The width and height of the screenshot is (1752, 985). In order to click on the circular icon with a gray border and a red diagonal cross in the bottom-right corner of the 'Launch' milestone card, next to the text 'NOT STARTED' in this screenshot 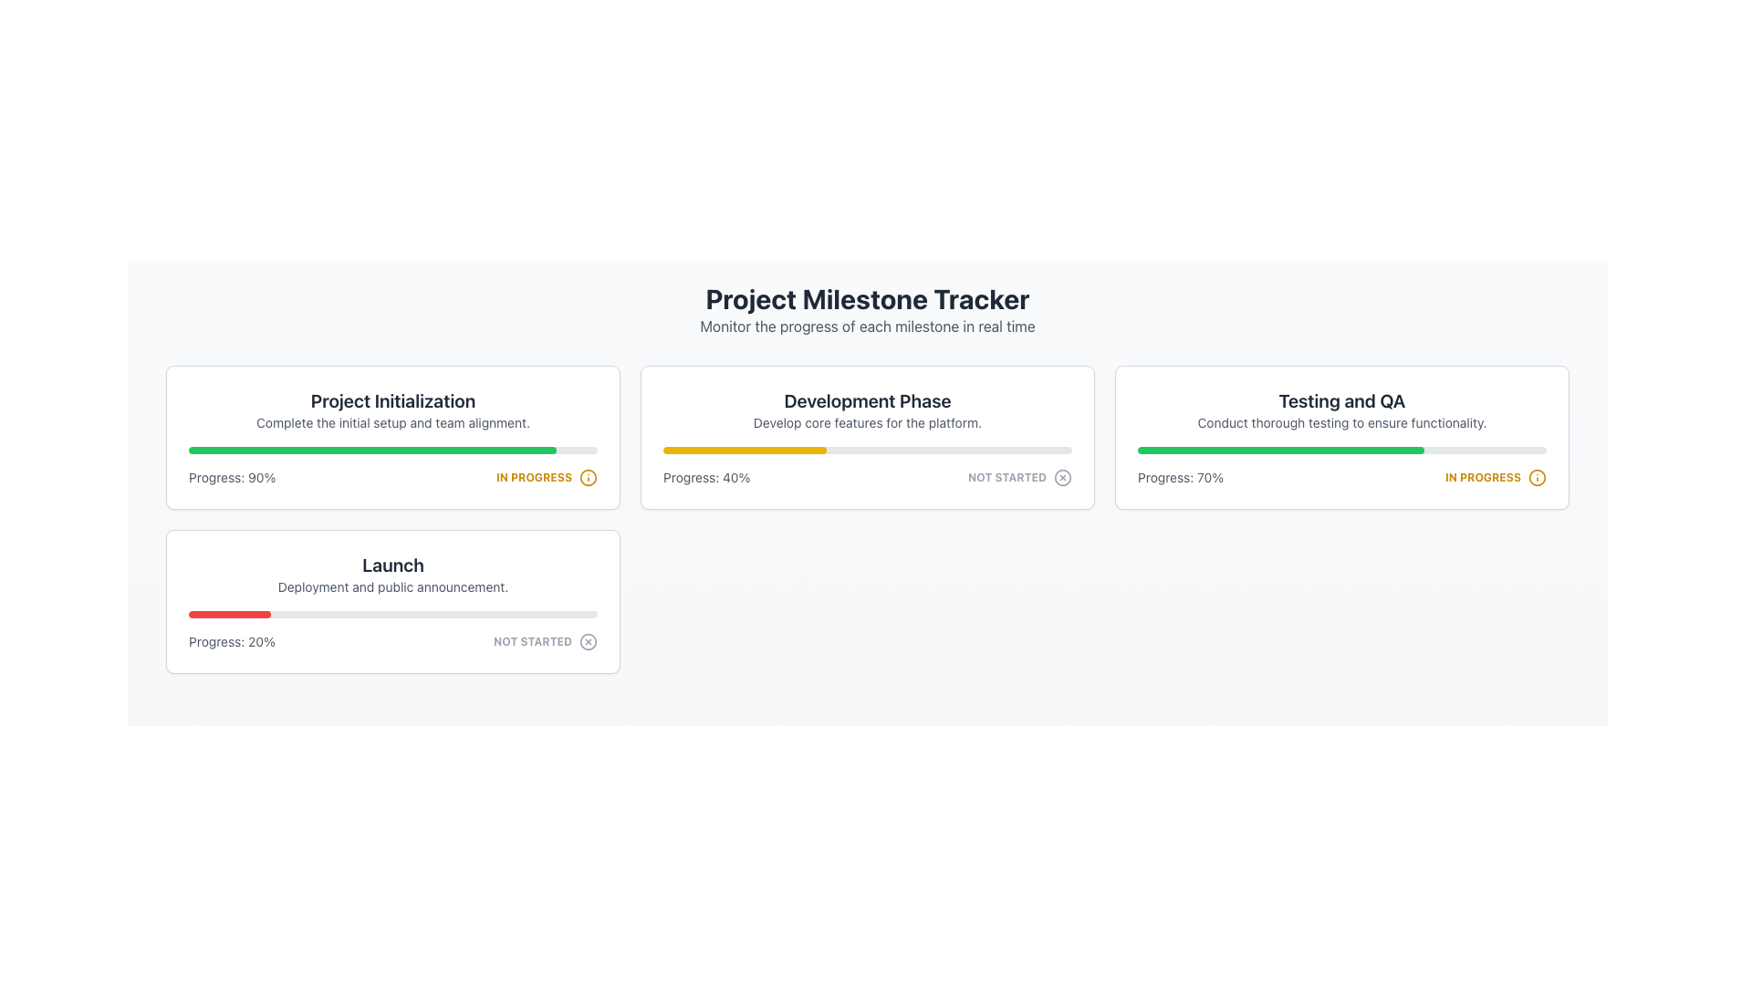, I will do `click(588, 641)`.